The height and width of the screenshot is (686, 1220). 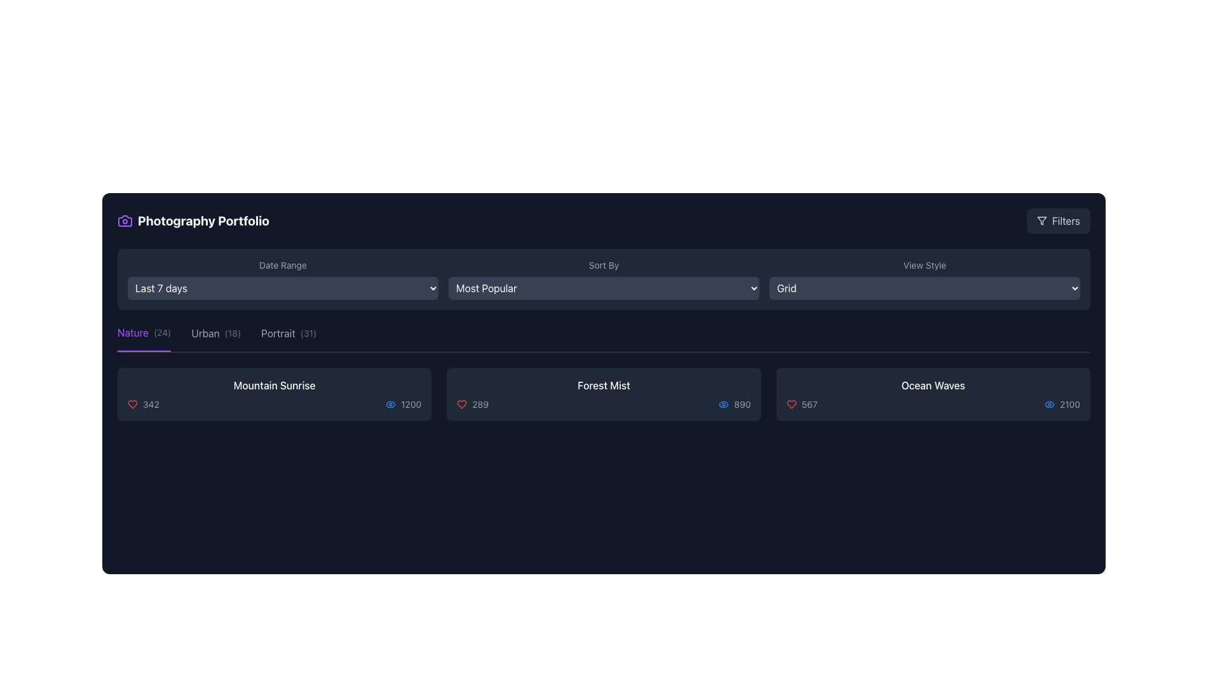 What do you see at coordinates (925, 278) in the screenshot?
I see `the dropdown menu located in the top-right section below the 'View Style' label` at bounding box center [925, 278].